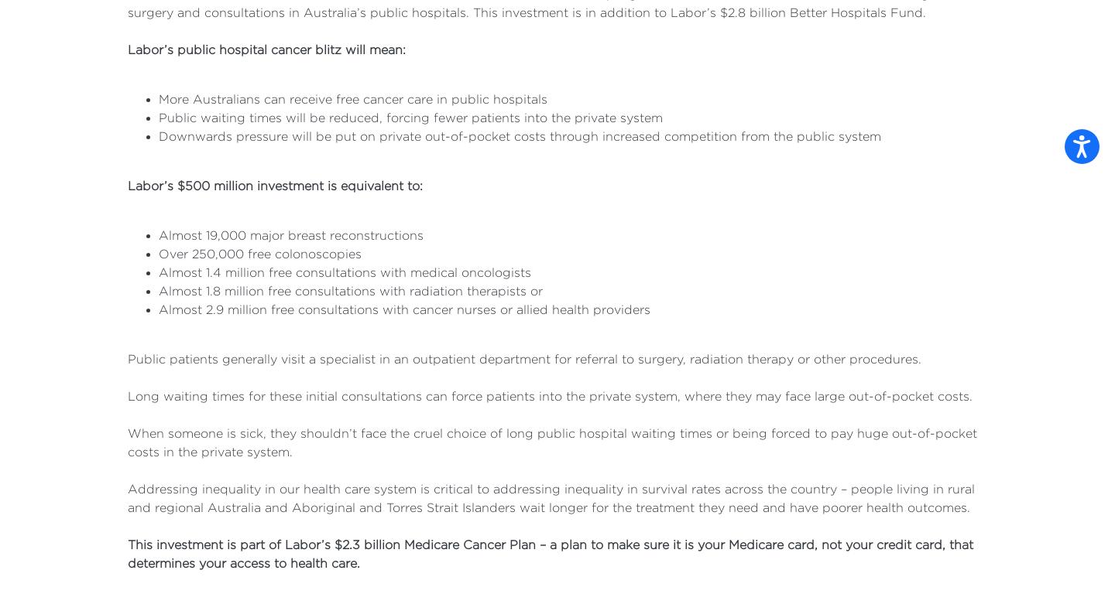  I want to click on 'Almost 1.8 million free consultations with radiation therapists or', so click(351, 290).